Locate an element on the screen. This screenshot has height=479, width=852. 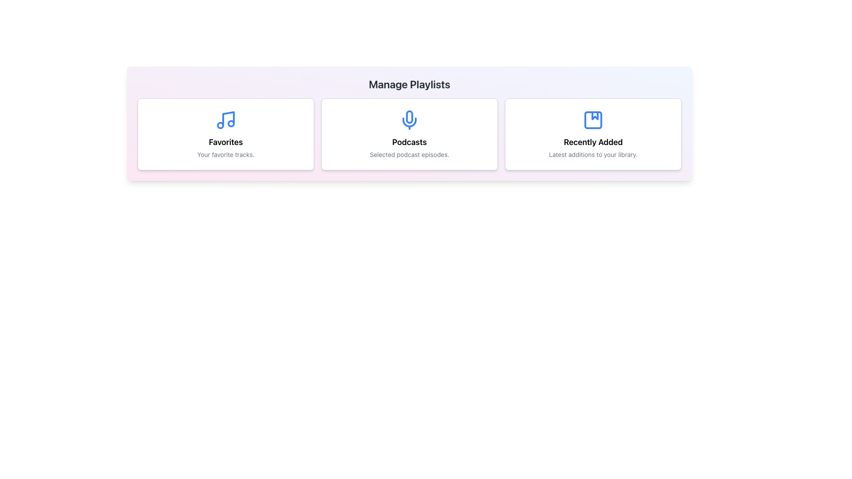
the descriptive text located at the bottom of the 'Favorites' card, which provides additional information about the card is located at coordinates (225, 154).